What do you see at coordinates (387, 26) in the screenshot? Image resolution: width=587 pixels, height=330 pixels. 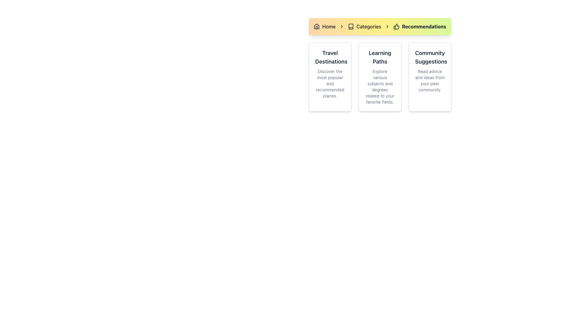 I see `the third chevron icon in the breadcrumb navigation that indicates the relationship between 'Categories' and 'Recommendations'` at bounding box center [387, 26].